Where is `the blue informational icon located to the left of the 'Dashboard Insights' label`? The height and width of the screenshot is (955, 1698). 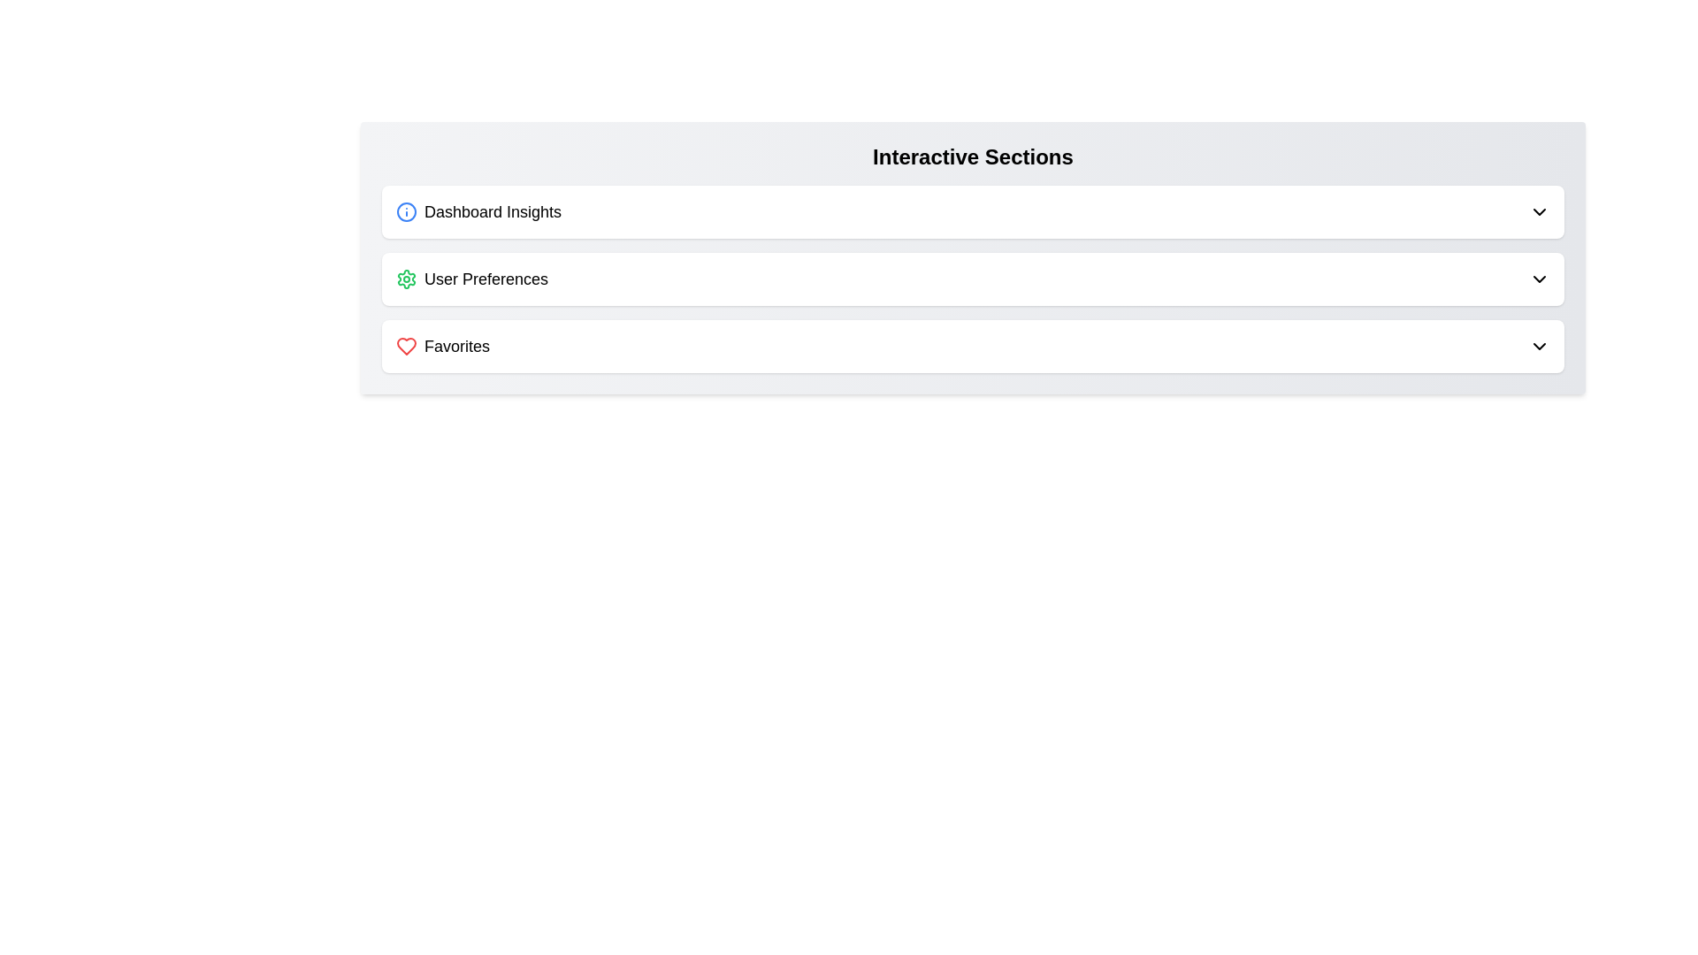
the blue informational icon located to the left of the 'Dashboard Insights' label is located at coordinates (406, 210).